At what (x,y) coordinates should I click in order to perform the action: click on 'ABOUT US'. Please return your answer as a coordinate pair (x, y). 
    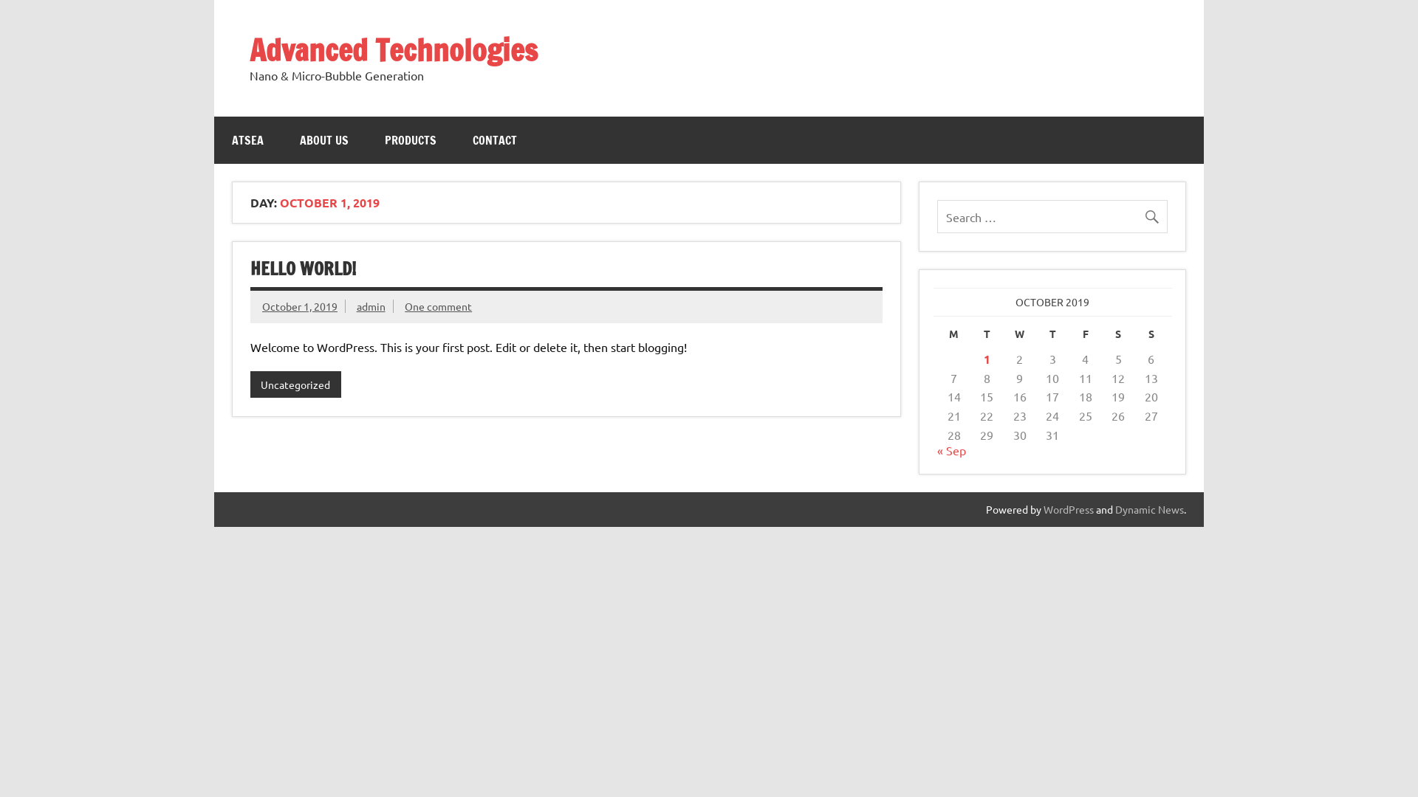
    Looking at the image, I should click on (323, 139).